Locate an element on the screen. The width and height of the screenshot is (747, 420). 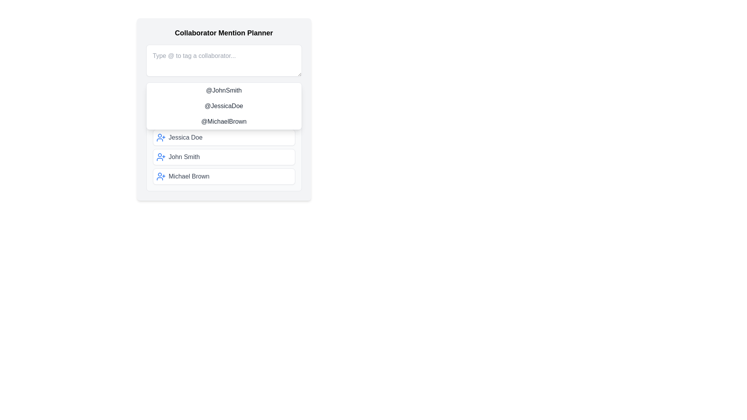
the blue-colored icon button resembling a user silhouette with a '+' symbol, located under 'Collaborator Mention Planner' associated with 'Jessica Doe' is located at coordinates (160, 137).